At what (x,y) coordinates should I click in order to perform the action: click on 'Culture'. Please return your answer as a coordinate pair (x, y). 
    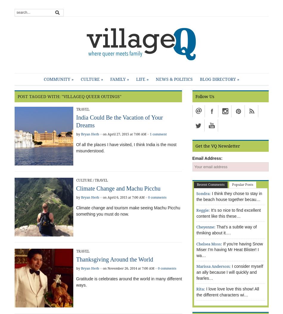
    Looking at the image, I should click on (83, 180).